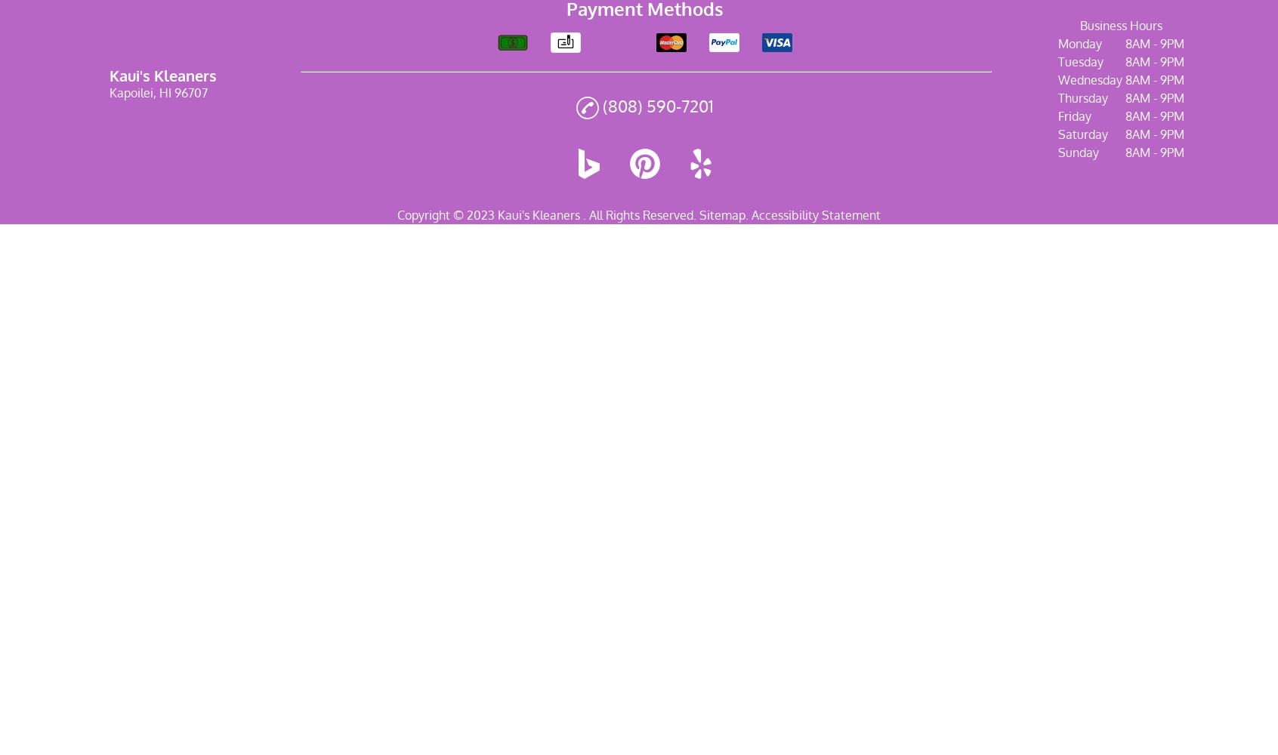  I want to click on '(808) 590-7201', so click(657, 106).